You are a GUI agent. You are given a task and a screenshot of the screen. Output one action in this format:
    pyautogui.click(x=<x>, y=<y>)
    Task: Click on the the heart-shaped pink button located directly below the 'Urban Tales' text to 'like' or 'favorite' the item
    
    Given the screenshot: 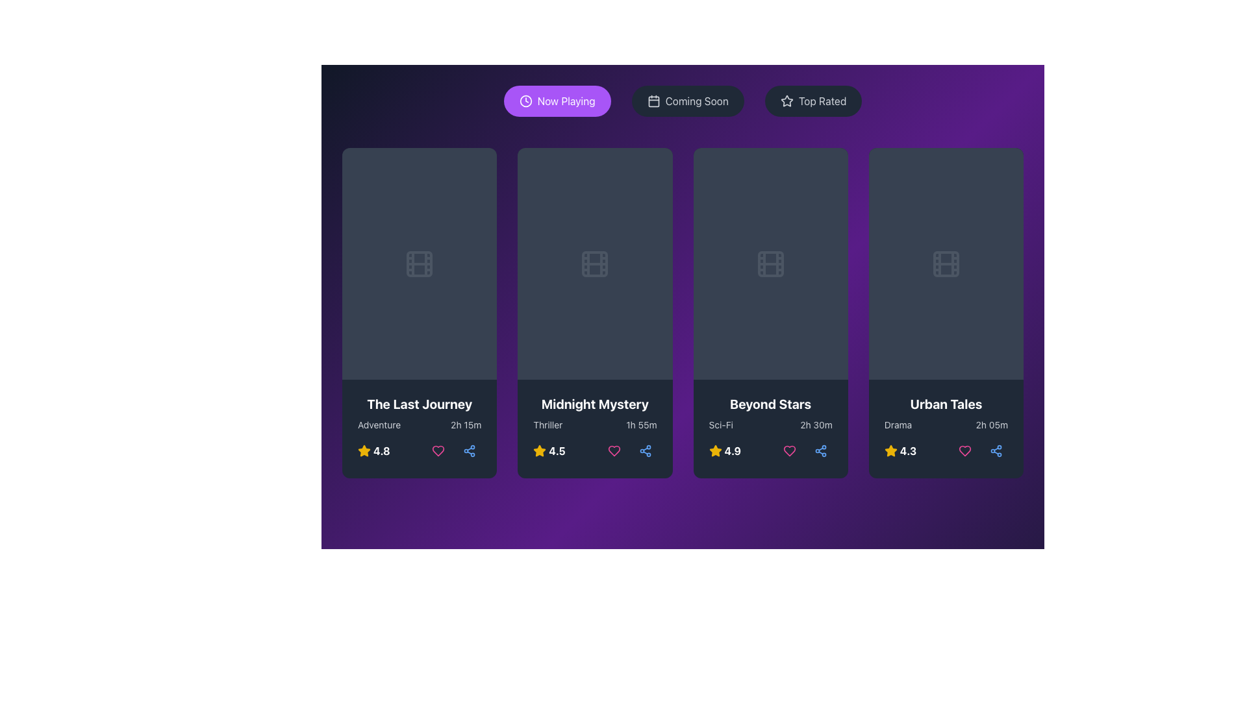 What is the action you would take?
    pyautogui.click(x=965, y=450)
    